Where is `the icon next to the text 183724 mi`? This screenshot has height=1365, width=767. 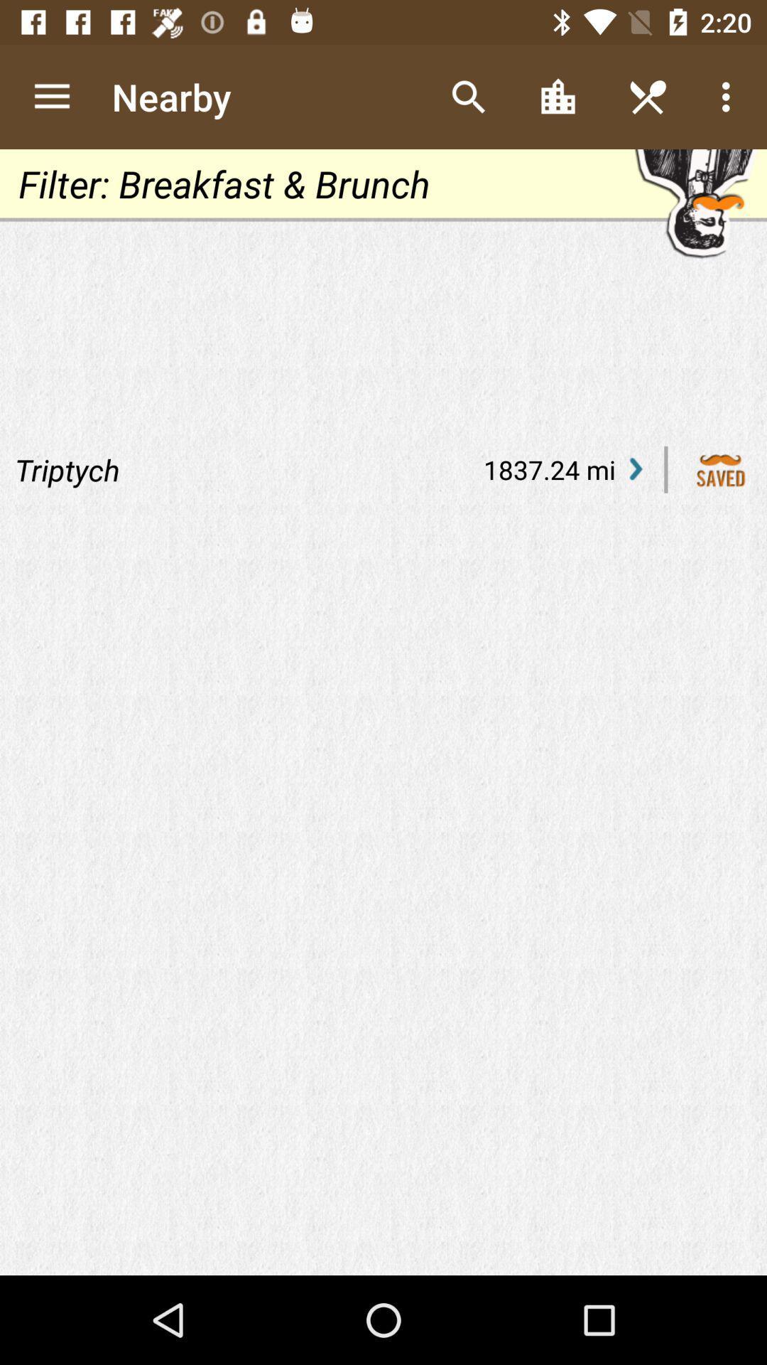 the icon next to the text 183724 mi is located at coordinates (635, 469).